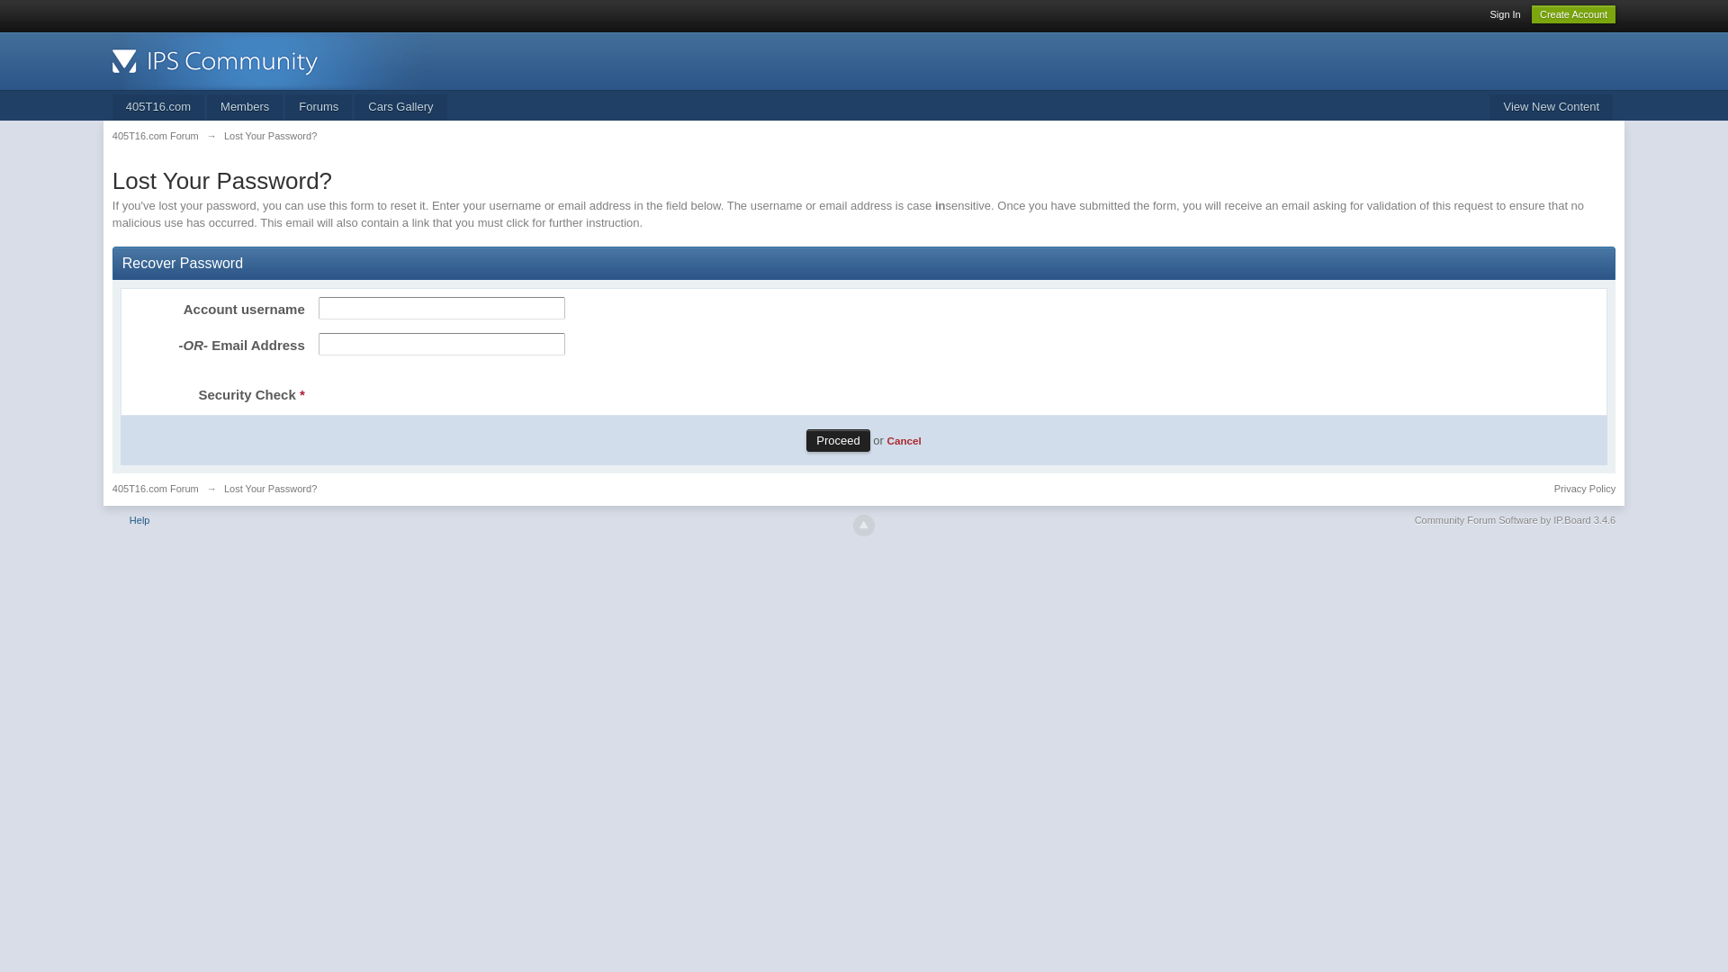 The width and height of the screenshot is (1728, 972). What do you see at coordinates (1585, 489) in the screenshot?
I see `'Privacy Policy'` at bounding box center [1585, 489].